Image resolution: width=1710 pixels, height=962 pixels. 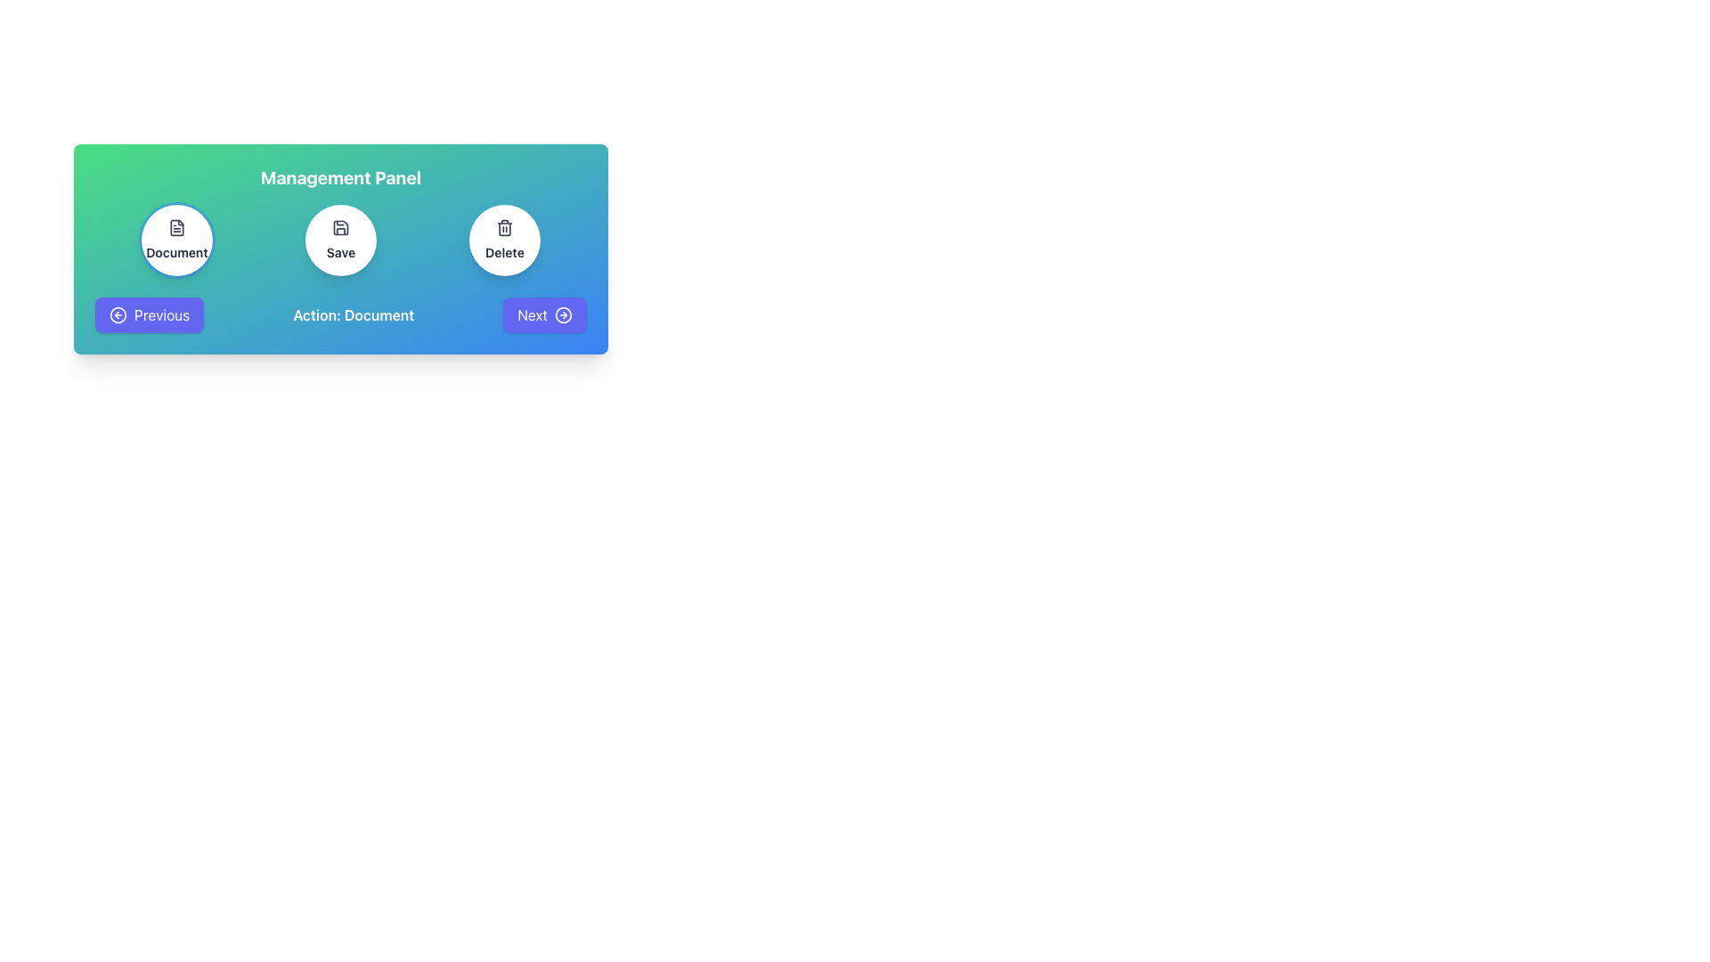 I want to click on the document icon, which is centered inside the circular button labeled 'Document' in the Management Panel, so click(x=176, y=226).